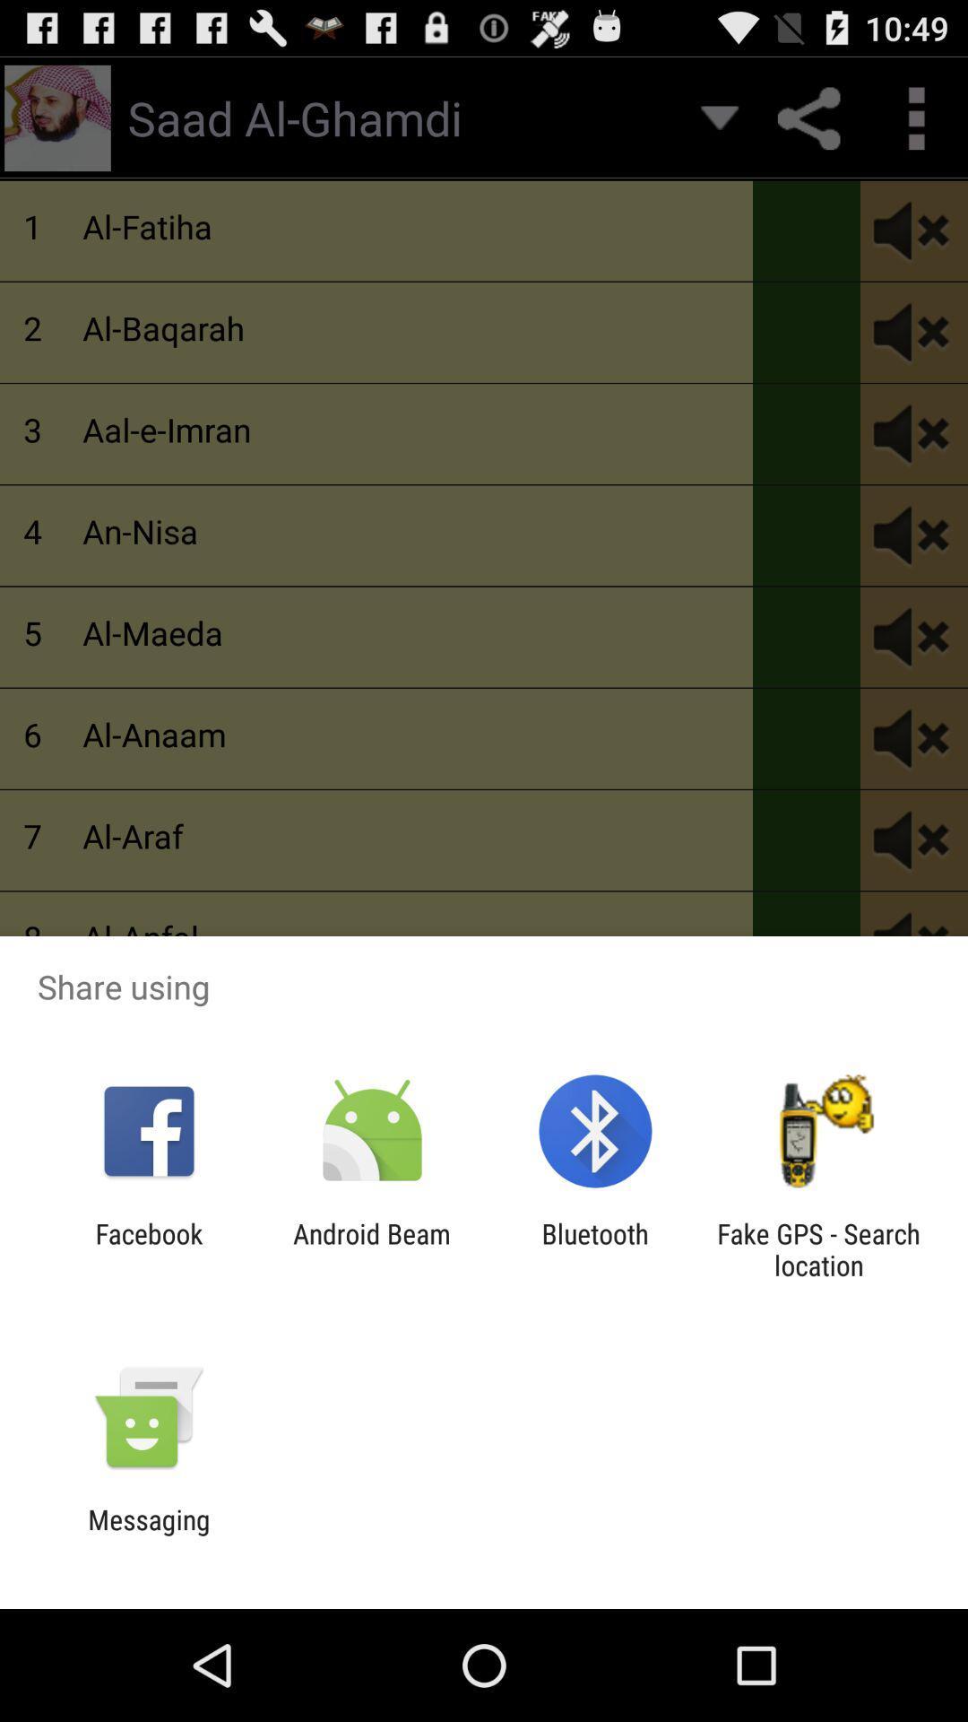 The image size is (968, 1722). Describe the element at coordinates (148, 1535) in the screenshot. I see `the messaging app` at that location.